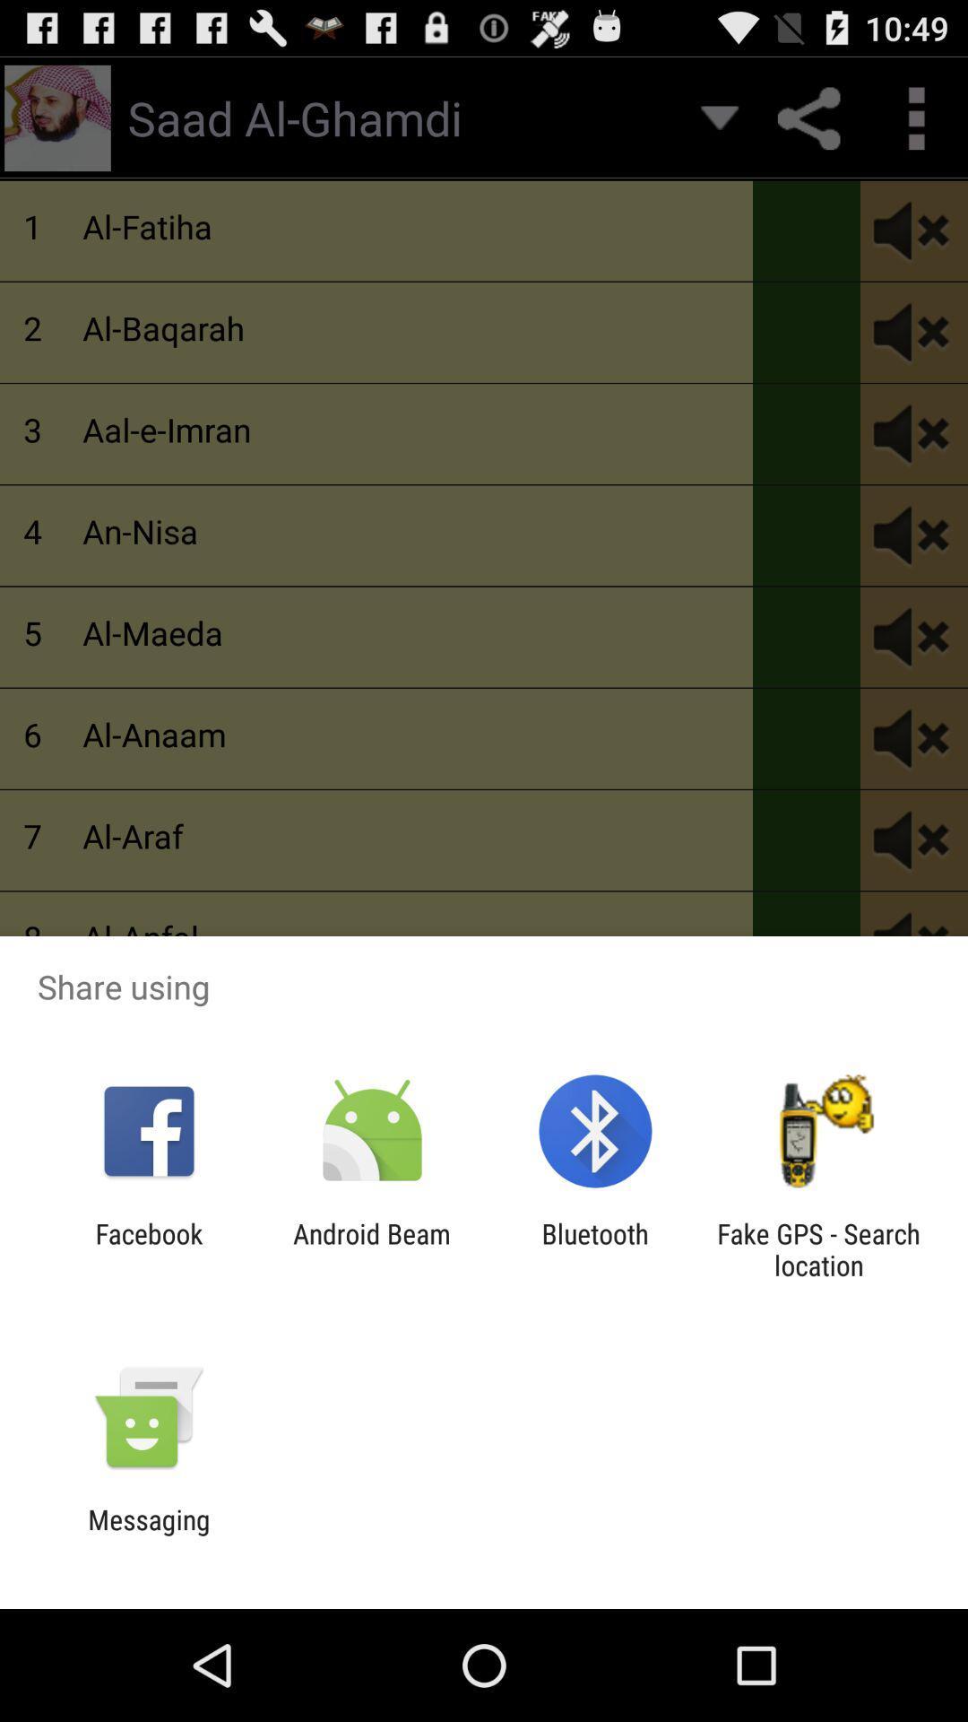 The image size is (968, 1722). Describe the element at coordinates (148, 1535) in the screenshot. I see `the messaging app` at that location.